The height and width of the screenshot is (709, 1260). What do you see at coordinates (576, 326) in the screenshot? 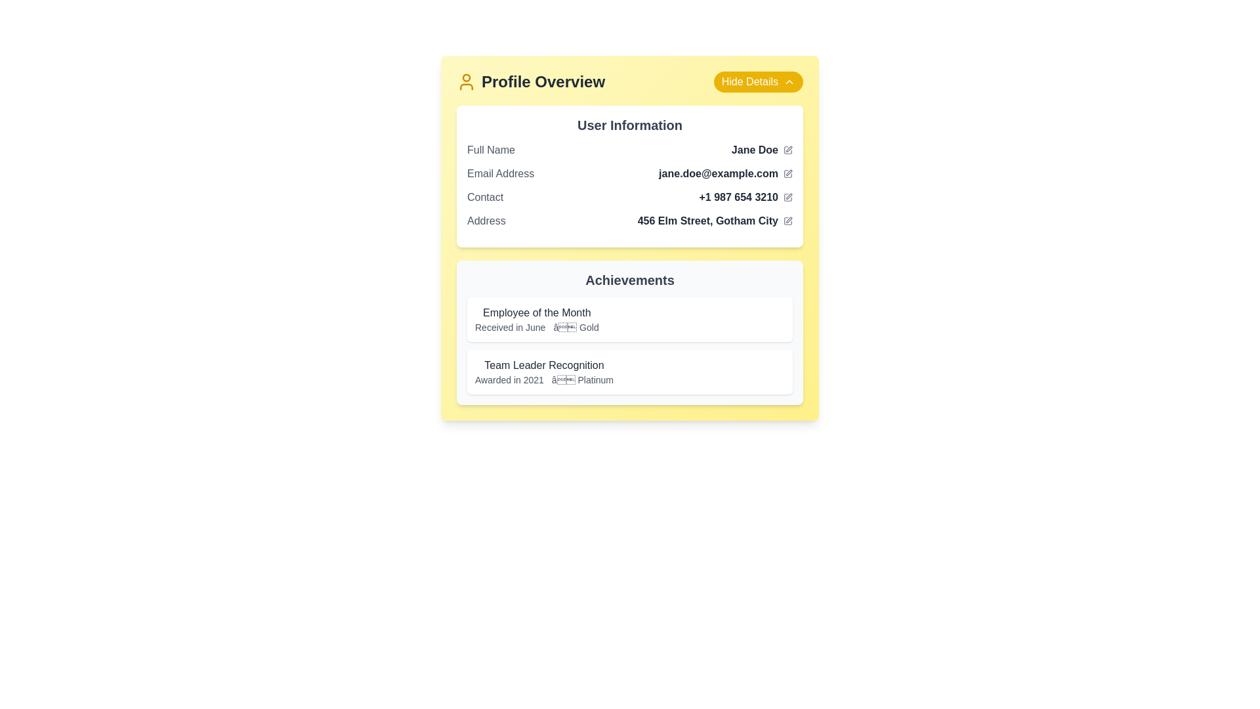
I see `displayed text from the text label showing 'Gold' in the 'Achievements' section under 'Employee of the Month'` at bounding box center [576, 326].